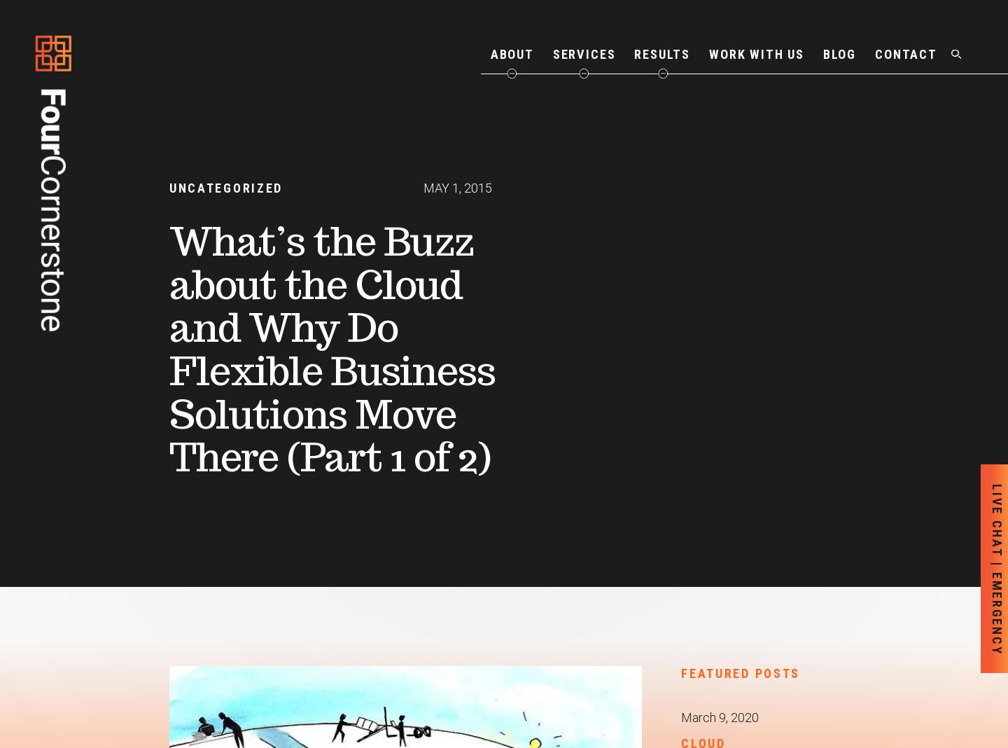 This screenshot has width=1008, height=748. Describe the element at coordinates (740, 672) in the screenshot. I see `'Featured Posts'` at that location.